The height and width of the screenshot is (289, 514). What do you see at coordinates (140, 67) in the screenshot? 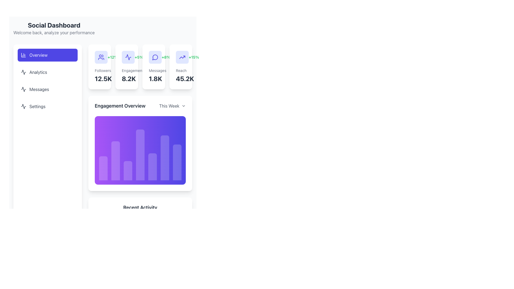
I see `the Information card located second from the left in the row of four cards at the top of the dashboard interface` at bounding box center [140, 67].